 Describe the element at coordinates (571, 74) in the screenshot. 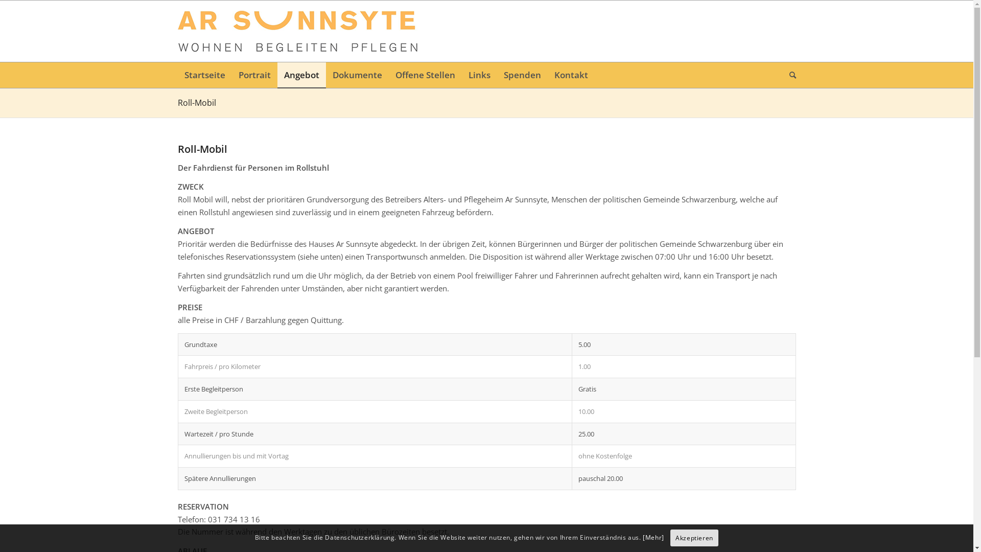

I see `'Kontakt'` at that location.